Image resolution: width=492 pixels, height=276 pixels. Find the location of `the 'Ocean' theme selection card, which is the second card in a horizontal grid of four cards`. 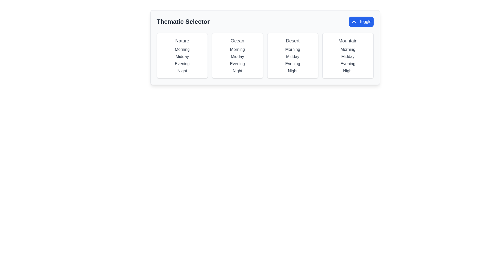

the 'Ocean' theme selection card, which is the second card in a horizontal grid of four cards is located at coordinates (237, 56).